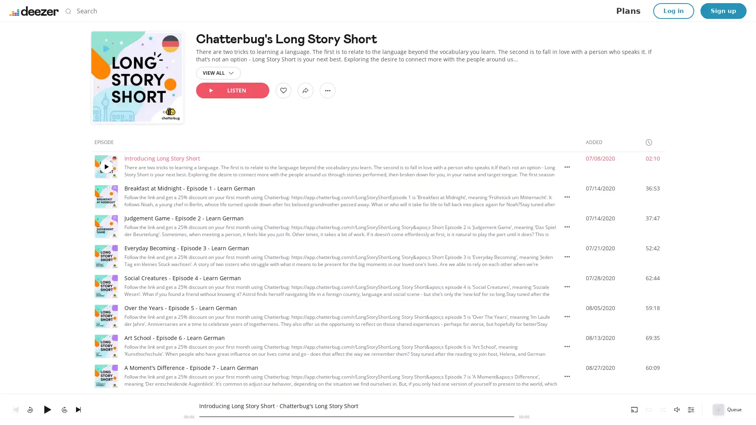  What do you see at coordinates (106, 226) in the screenshot?
I see `Play Judgement Game - Episode 2 - Learn German by Chatterbug's Long Story Short` at bounding box center [106, 226].